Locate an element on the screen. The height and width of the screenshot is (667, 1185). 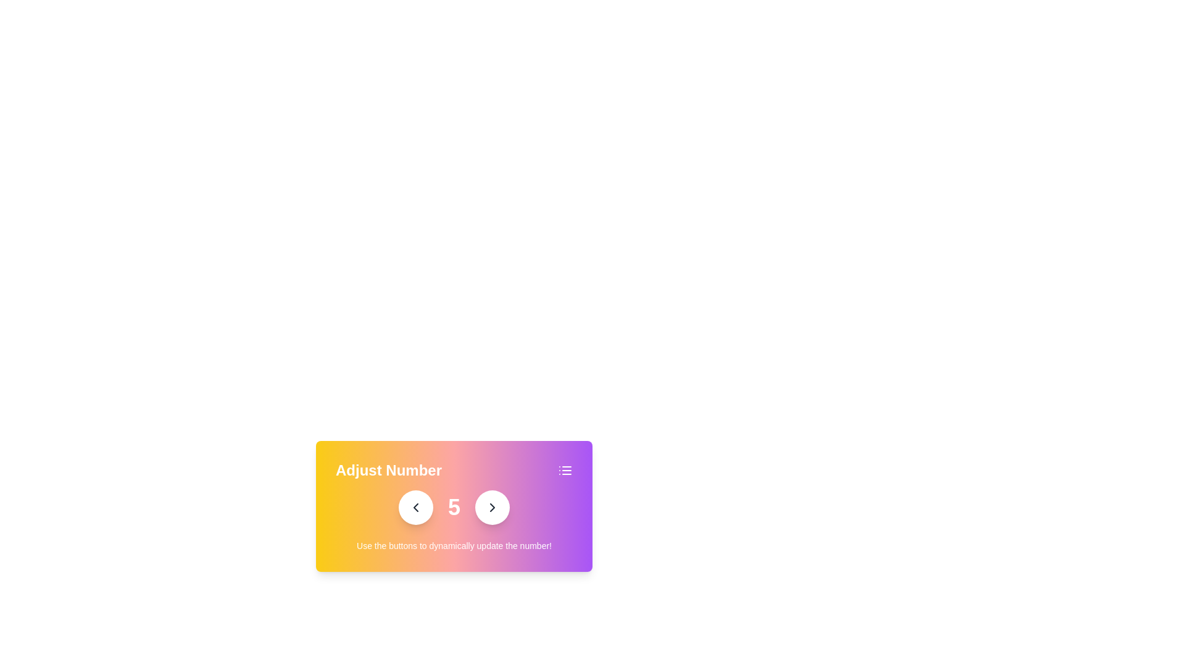
the right-pointing chevron icon within the circular button located towards the bottom-right of the gradient-colored panel is located at coordinates (491, 507).